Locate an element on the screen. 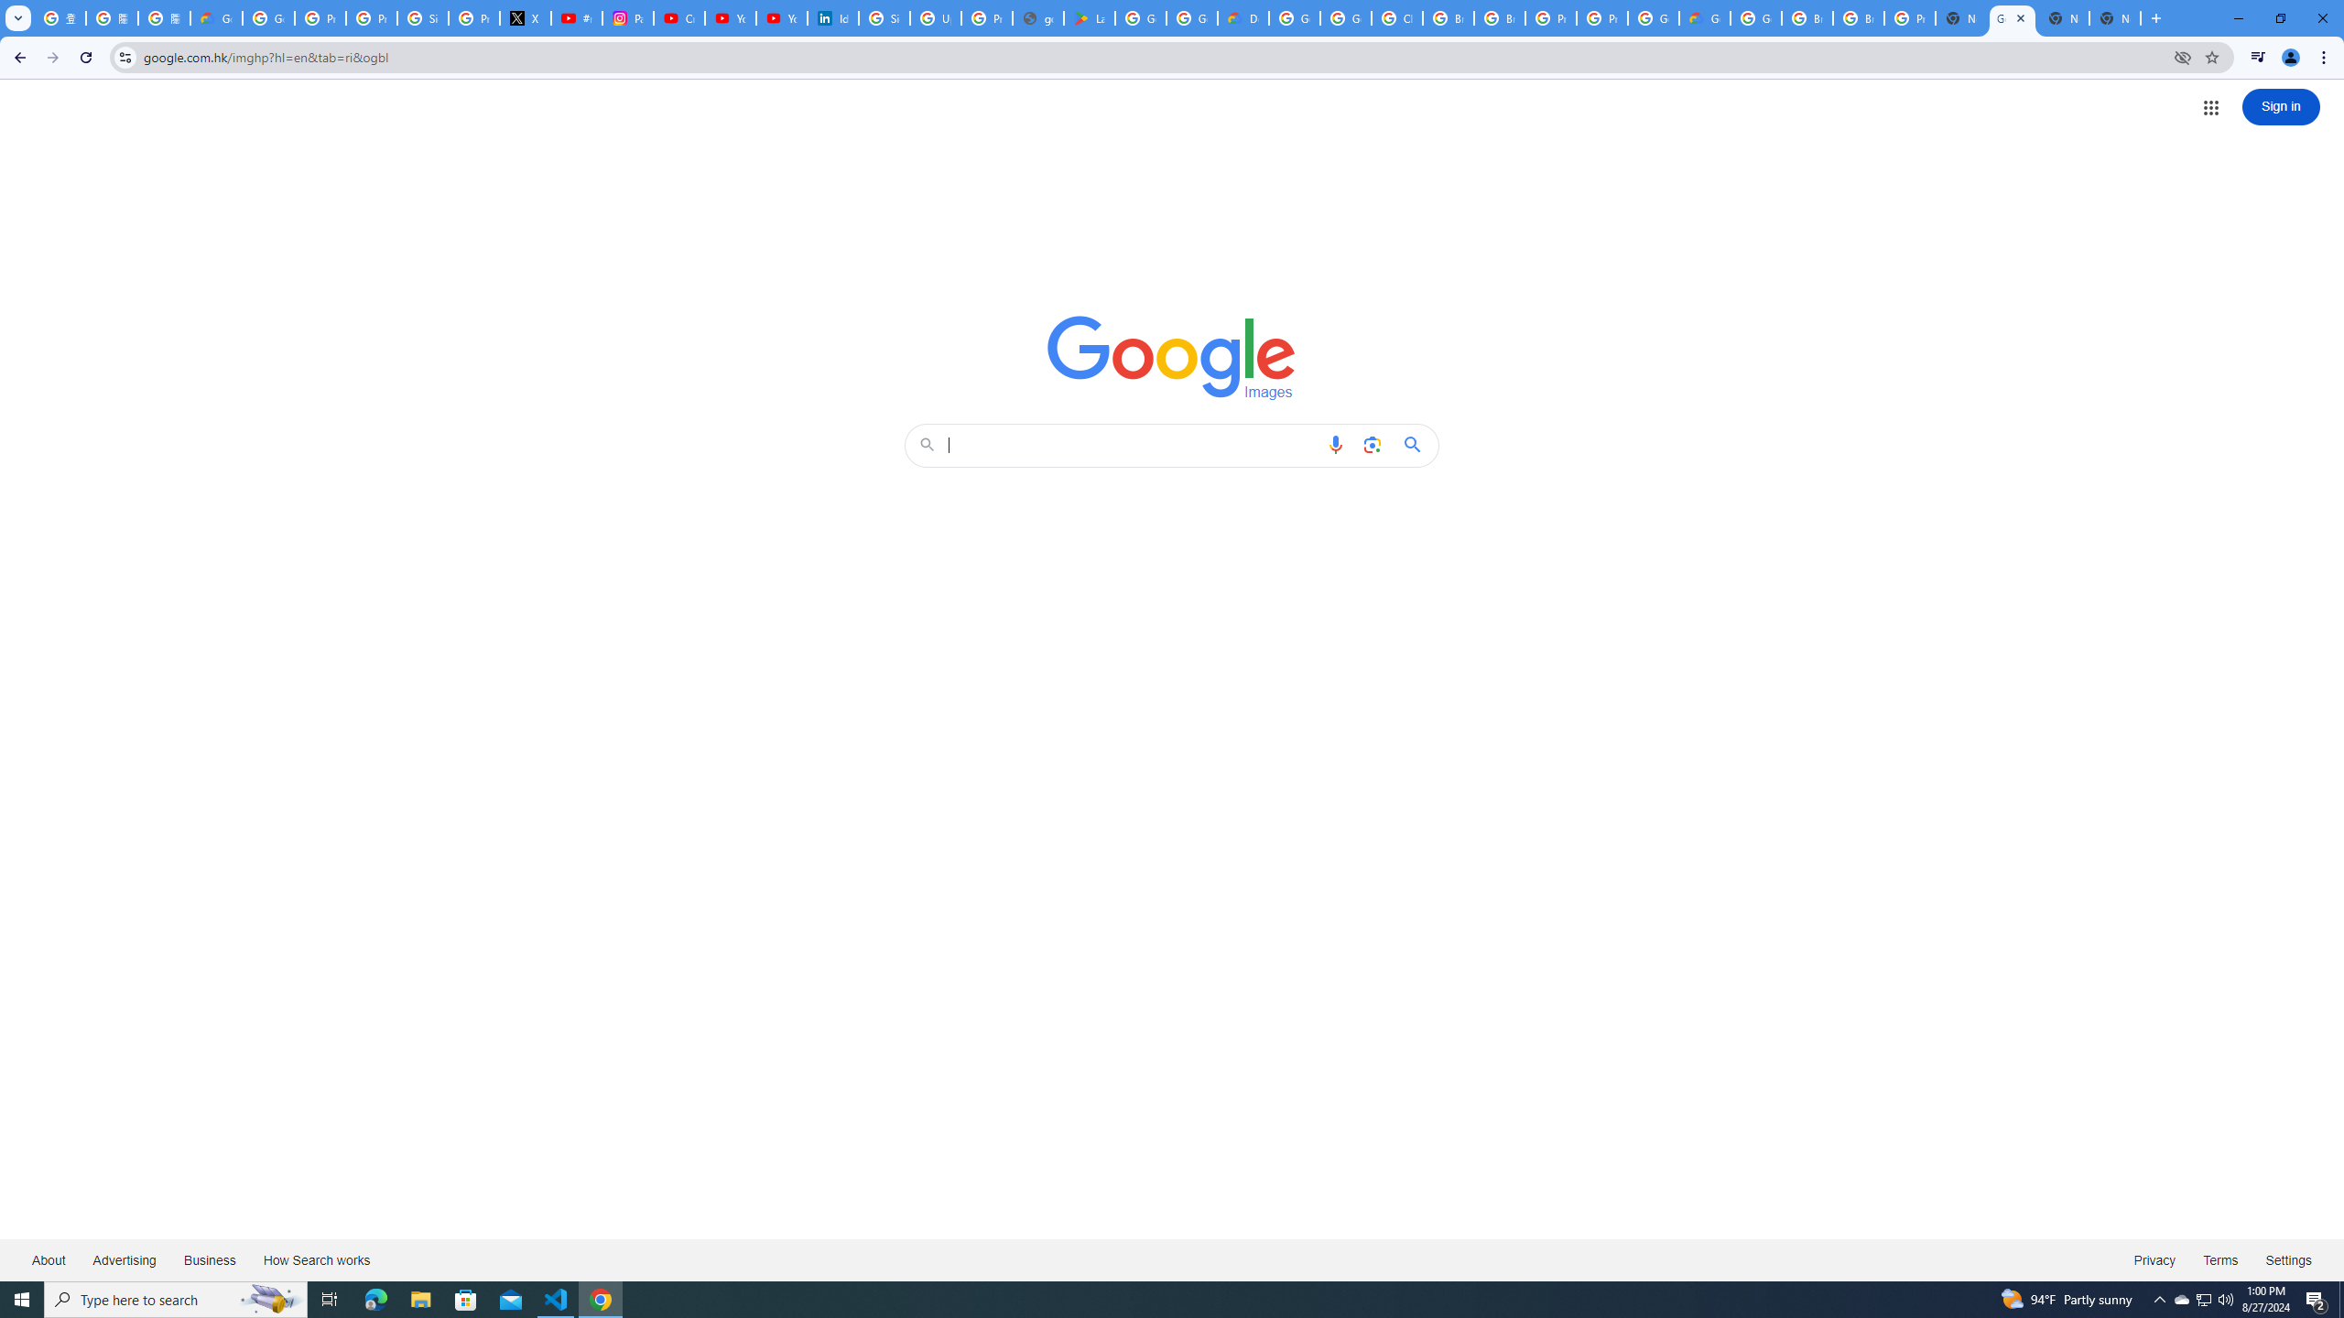  'Google Images' is located at coordinates (1172, 357).